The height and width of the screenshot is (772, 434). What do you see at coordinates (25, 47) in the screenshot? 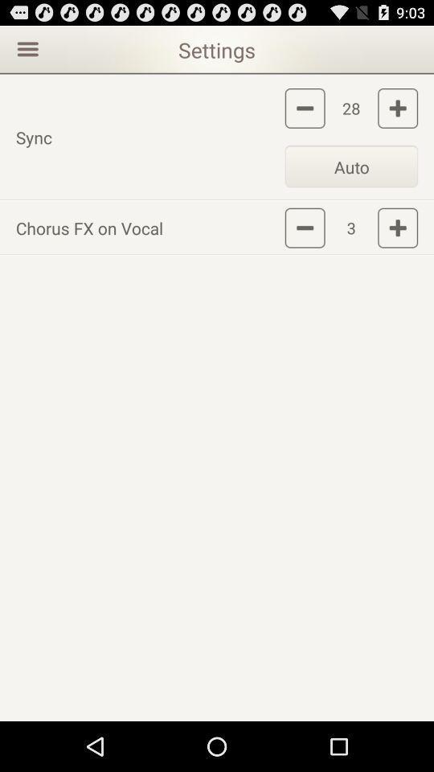
I see `open up menu` at bounding box center [25, 47].